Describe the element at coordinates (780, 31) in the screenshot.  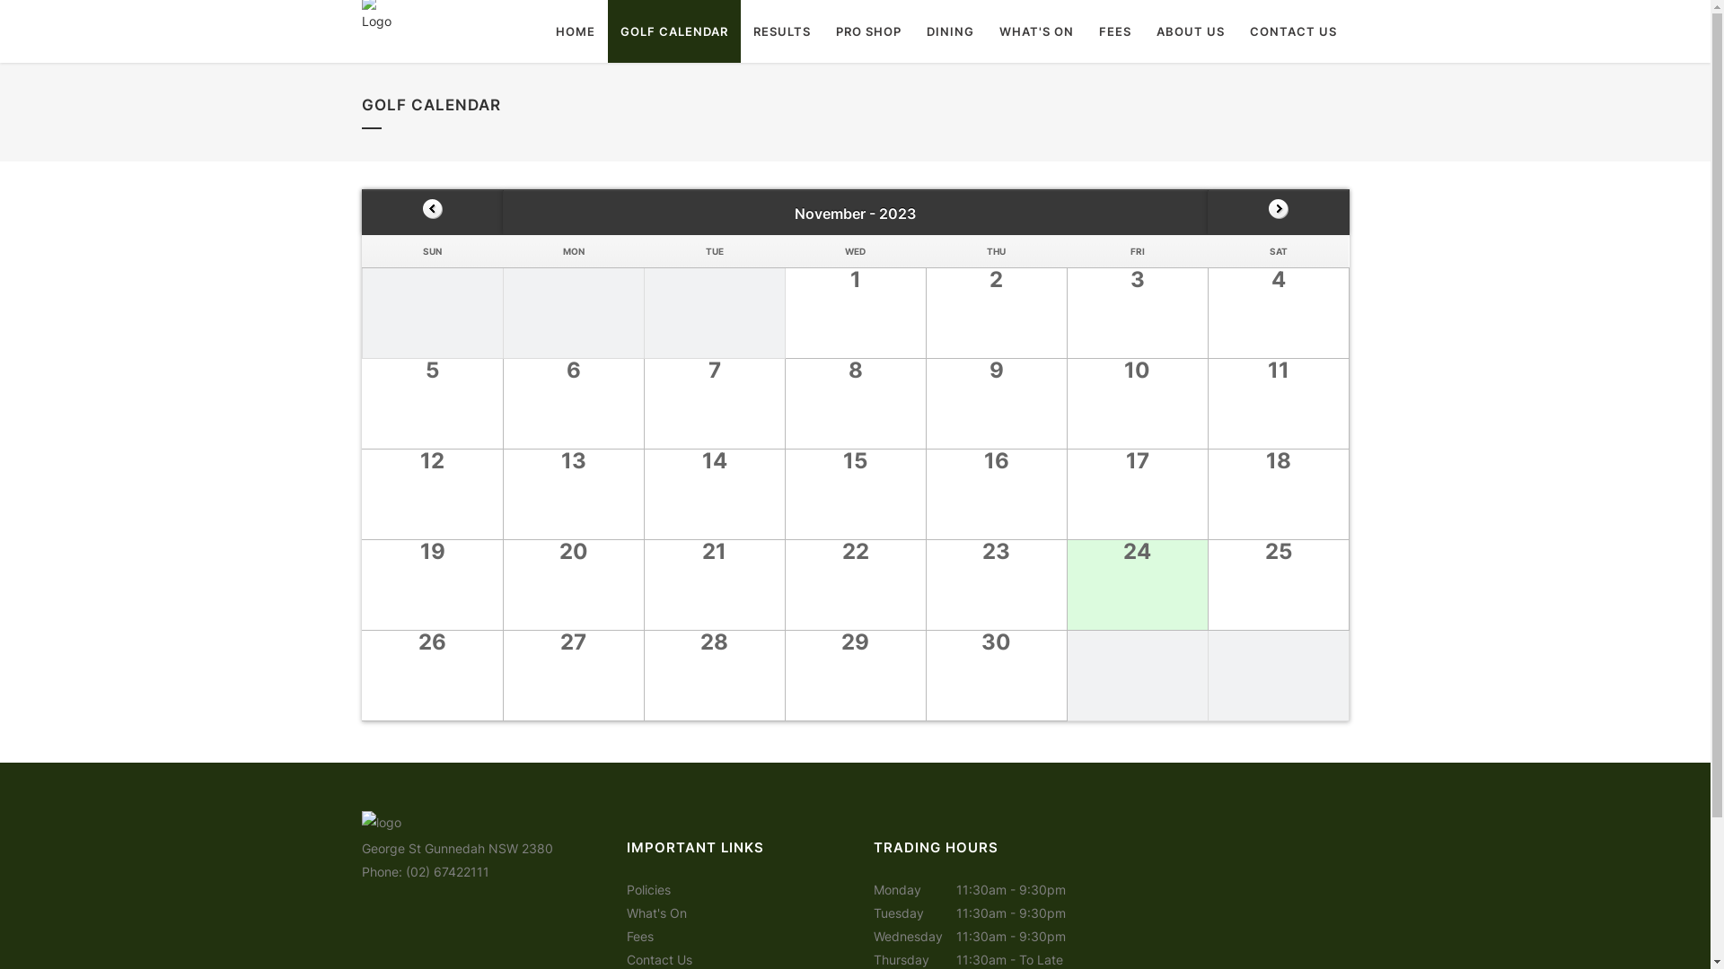
I see `'RESULTS'` at that location.